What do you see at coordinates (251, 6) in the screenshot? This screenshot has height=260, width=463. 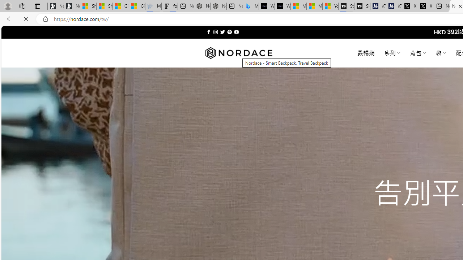 I see `'Microsoft Bing Travel - Shangri-La Hotel Bangkok'` at bounding box center [251, 6].